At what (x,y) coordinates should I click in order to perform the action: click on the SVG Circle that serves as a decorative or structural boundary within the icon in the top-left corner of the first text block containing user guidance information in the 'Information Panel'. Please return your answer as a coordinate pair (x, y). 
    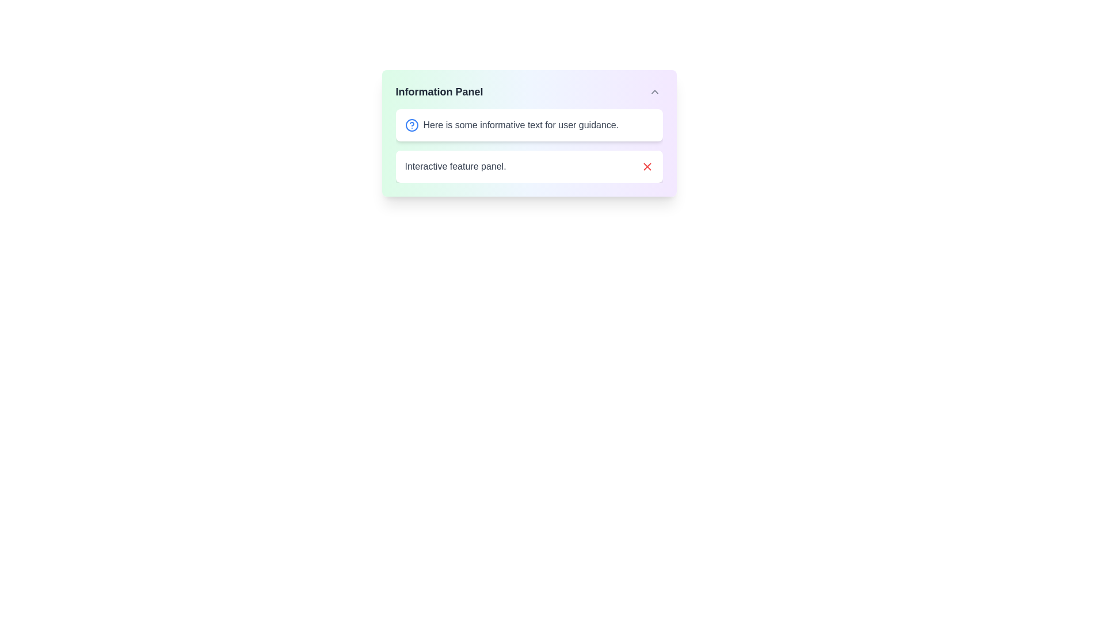
    Looking at the image, I should click on (411, 125).